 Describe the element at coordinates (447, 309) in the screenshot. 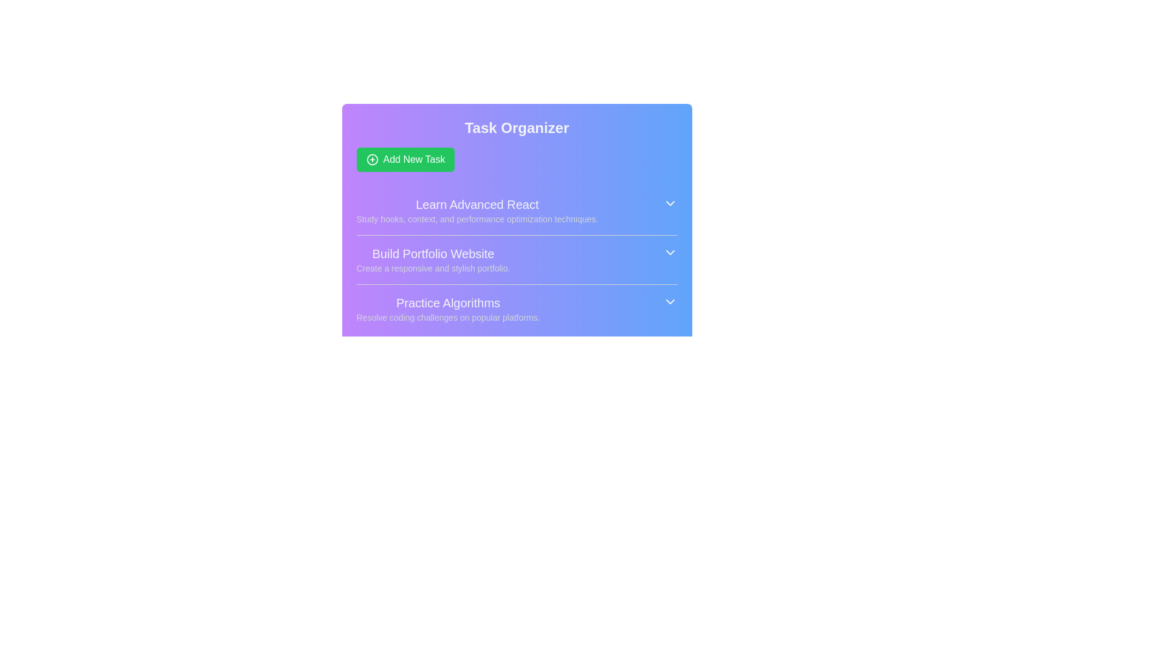

I see `the Text element that serves as a title and description for a task item related to practicing algorithms in the 'Task Organizer' interface` at that location.